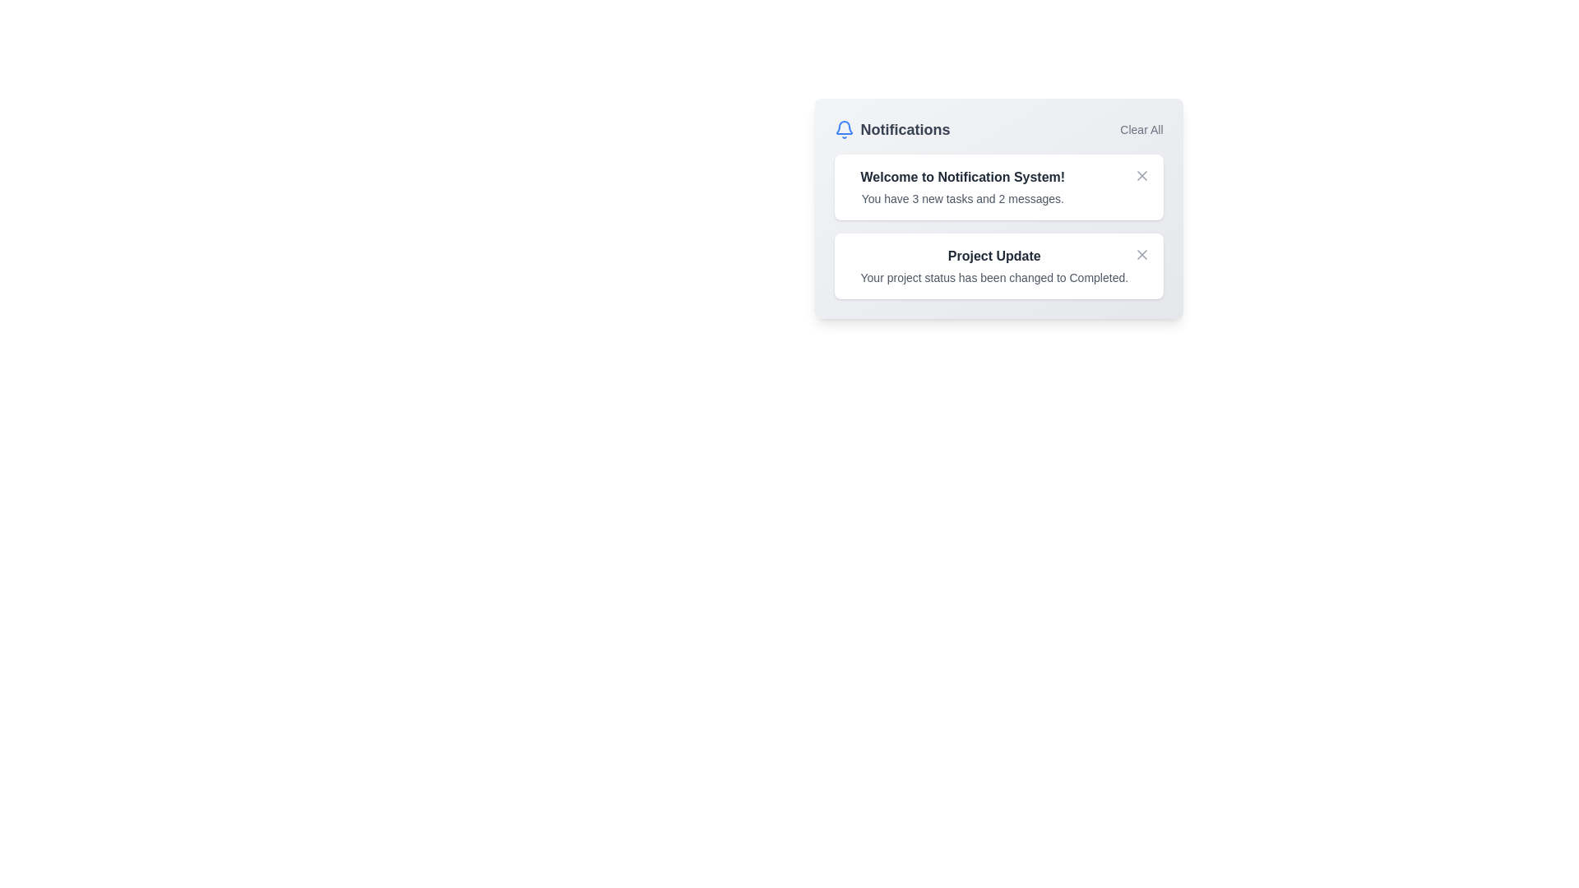 This screenshot has height=888, width=1579. What do you see at coordinates (962, 198) in the screenshot?
I see `the text element that states 'You have 3 new tasks and 2 messages.' which is located below the title 'Welcome to Notification System!' in the notification box` at bounding box center [962, 198].